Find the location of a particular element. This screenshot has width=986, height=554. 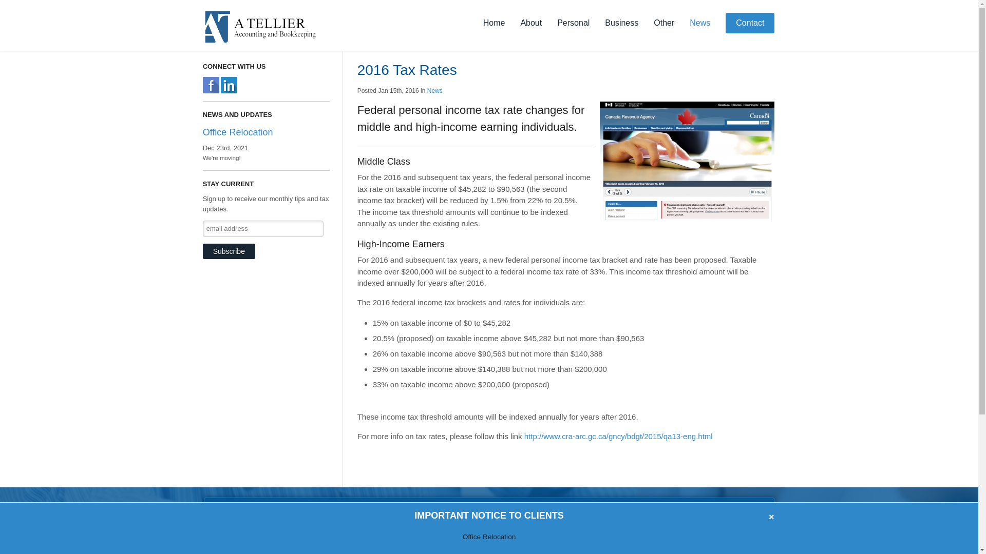

'A Tellier Bookkeeping and Accounting, Welland, Facebook' is located at coordinates (211, 84).